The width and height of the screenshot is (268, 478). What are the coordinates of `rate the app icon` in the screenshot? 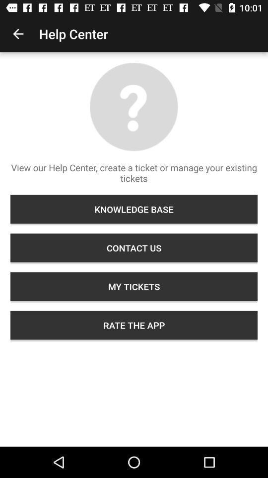 It's located at (134, 325).